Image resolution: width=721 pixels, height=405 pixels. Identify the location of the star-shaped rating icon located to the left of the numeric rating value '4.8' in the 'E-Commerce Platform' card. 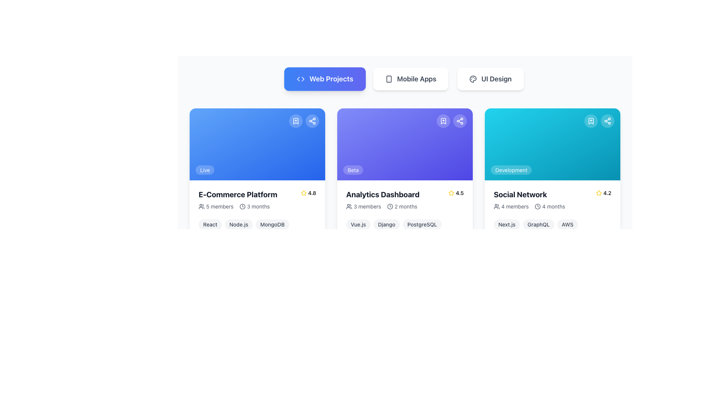
(303, 193).